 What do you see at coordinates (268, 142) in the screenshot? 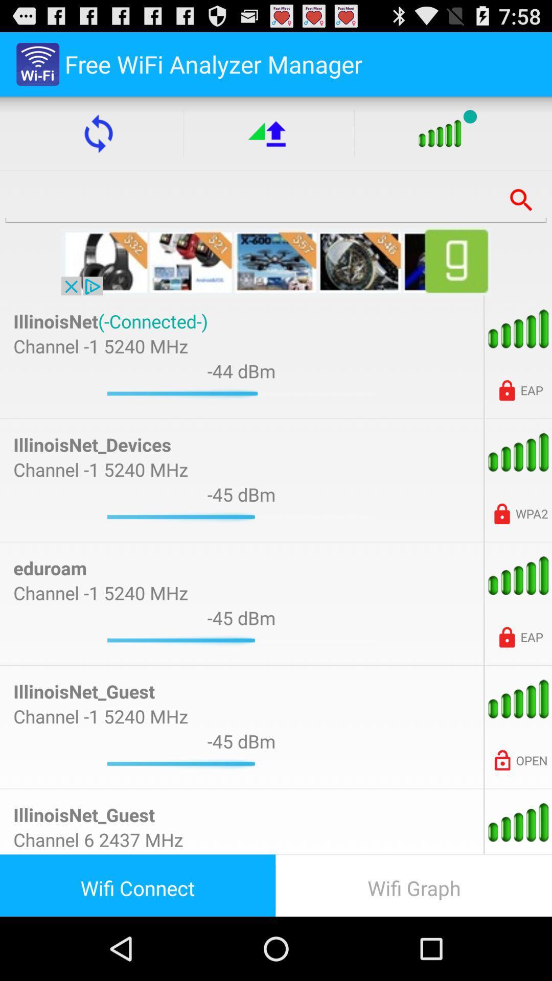
I see `the arrow_upward icon` at bounding box center [268, 142].